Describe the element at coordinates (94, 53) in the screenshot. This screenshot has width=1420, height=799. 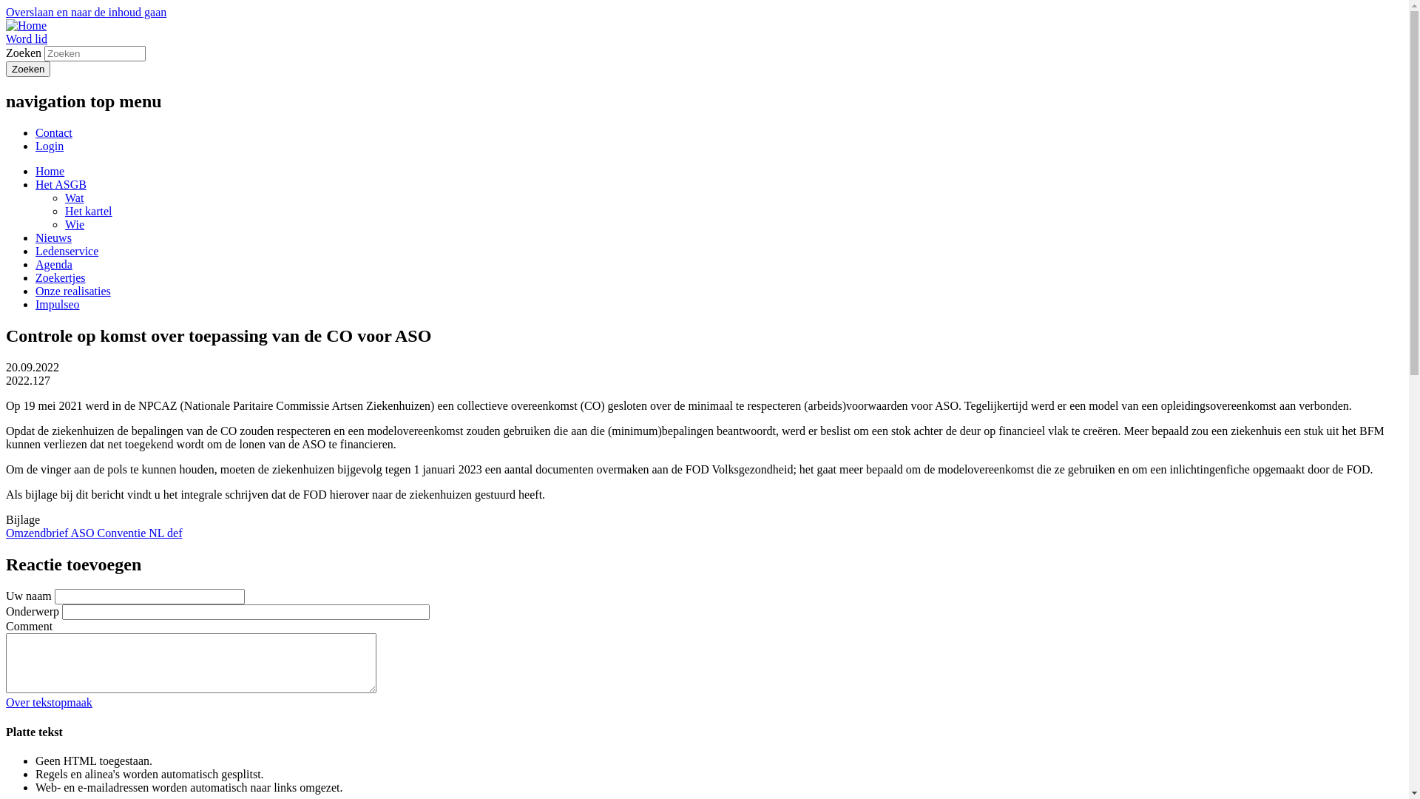
I see `'Geef de woorden op waarnaar u wilt zoeken.'` at that location.